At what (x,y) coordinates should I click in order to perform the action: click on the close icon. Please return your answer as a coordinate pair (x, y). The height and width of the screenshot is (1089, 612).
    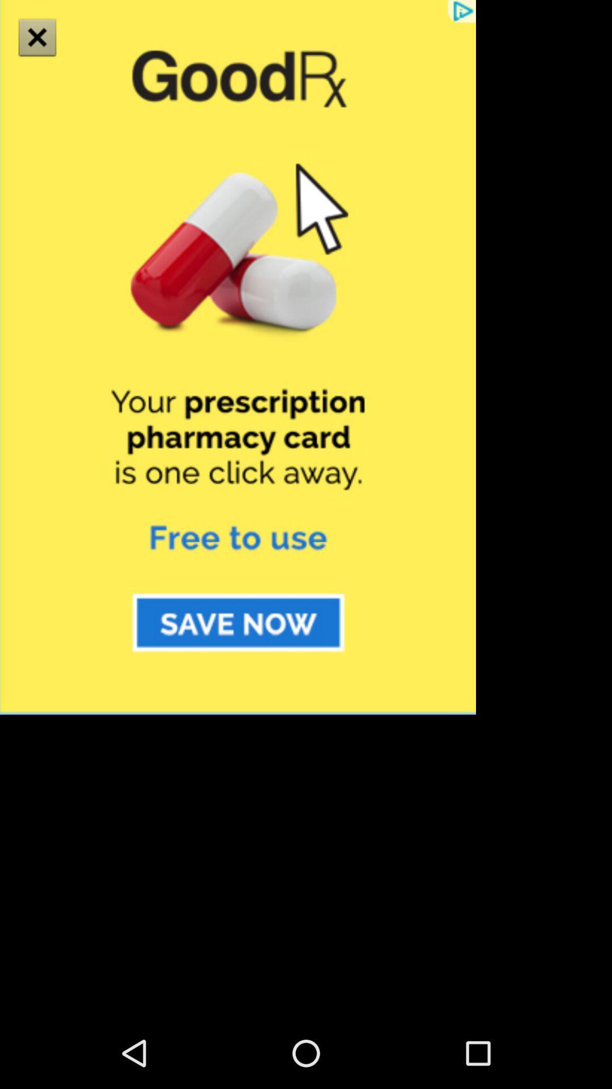
    Looking at the image, I should click on (36, 40).